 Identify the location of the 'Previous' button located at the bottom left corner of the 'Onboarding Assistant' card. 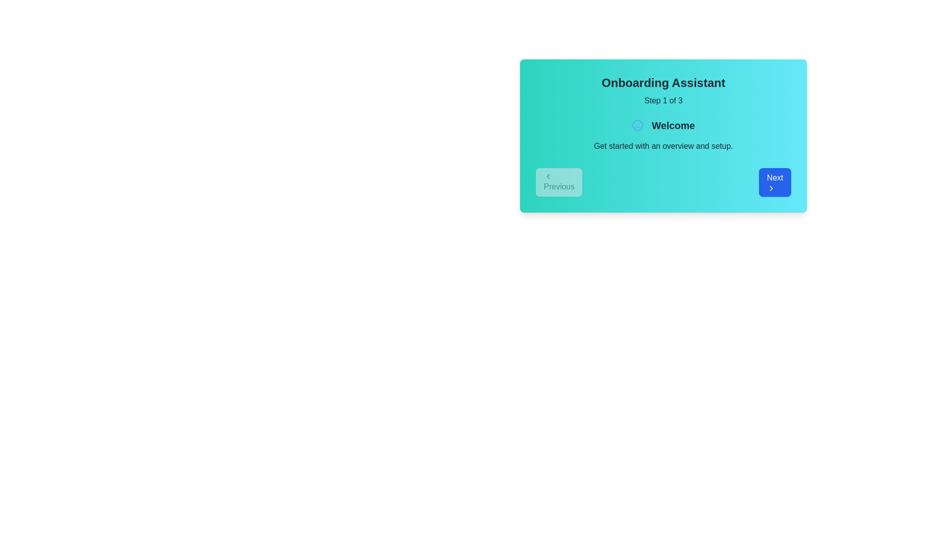
(559, 182).